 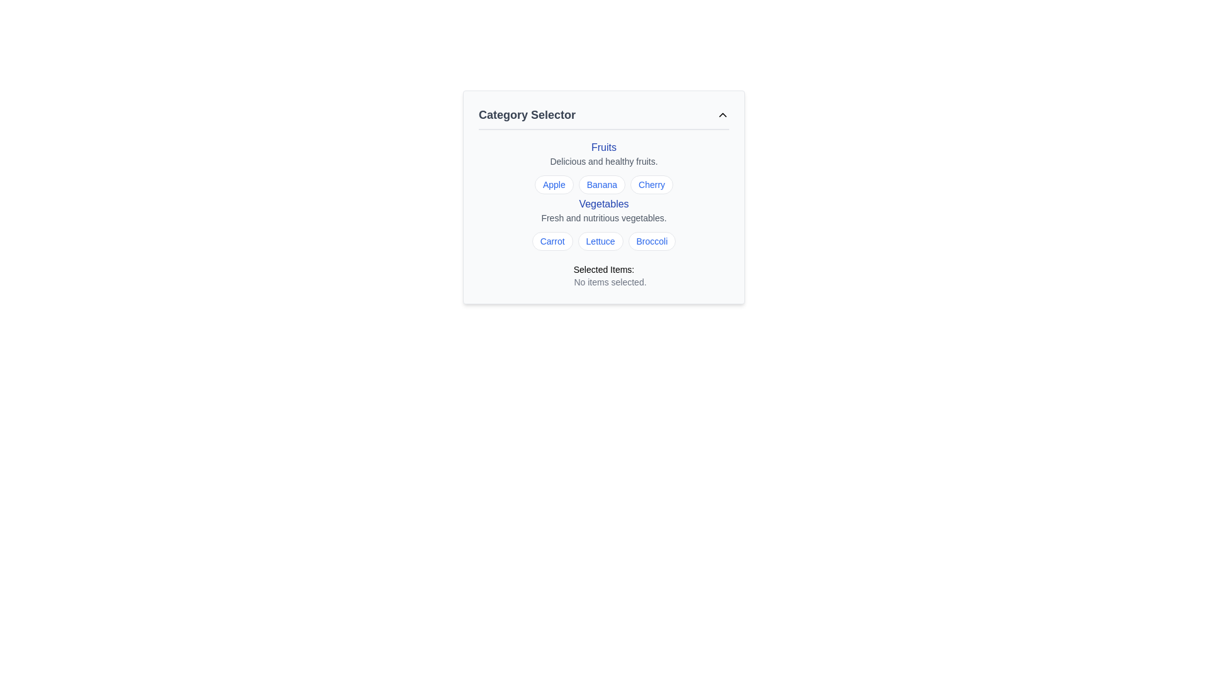 I want to click on the Text Label that categorizes the section dedicated to vegetables, which is prominently positioned at the top of the vegetable section, so click(x=604, y=203).